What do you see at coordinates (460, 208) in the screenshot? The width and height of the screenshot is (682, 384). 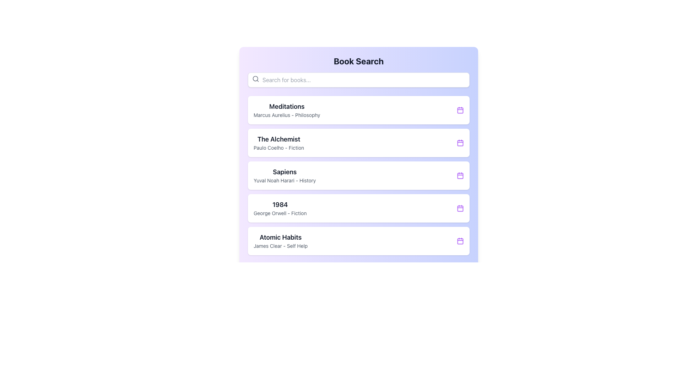 I see `the calendar icon with a purple outline located in the rightmost section of the row containing the book '1984' by George Orwell` at bounding box center [460, 208].